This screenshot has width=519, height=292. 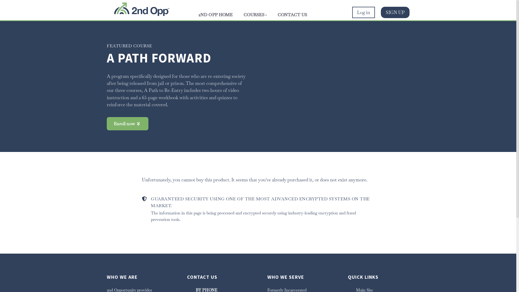 I want to click on 'Enroll now', so click(x=127, y=124).